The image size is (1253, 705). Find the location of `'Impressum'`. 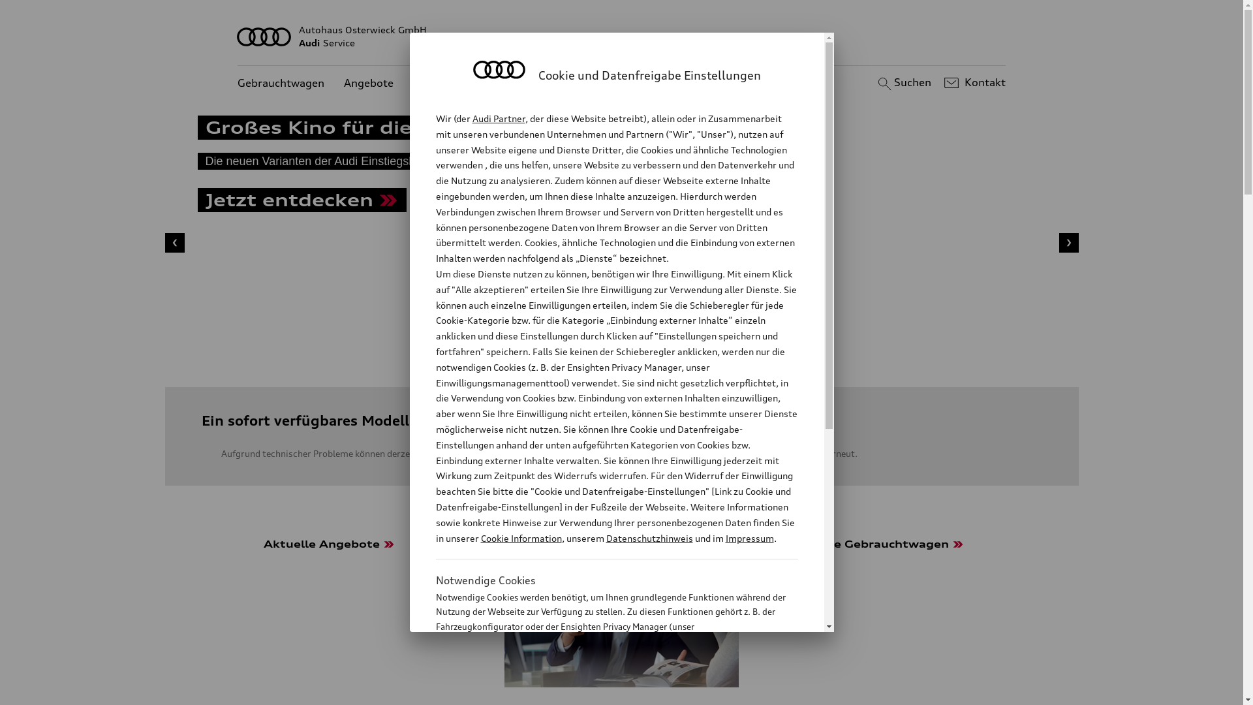

'Impressum' is located at coordinates (725, 538).